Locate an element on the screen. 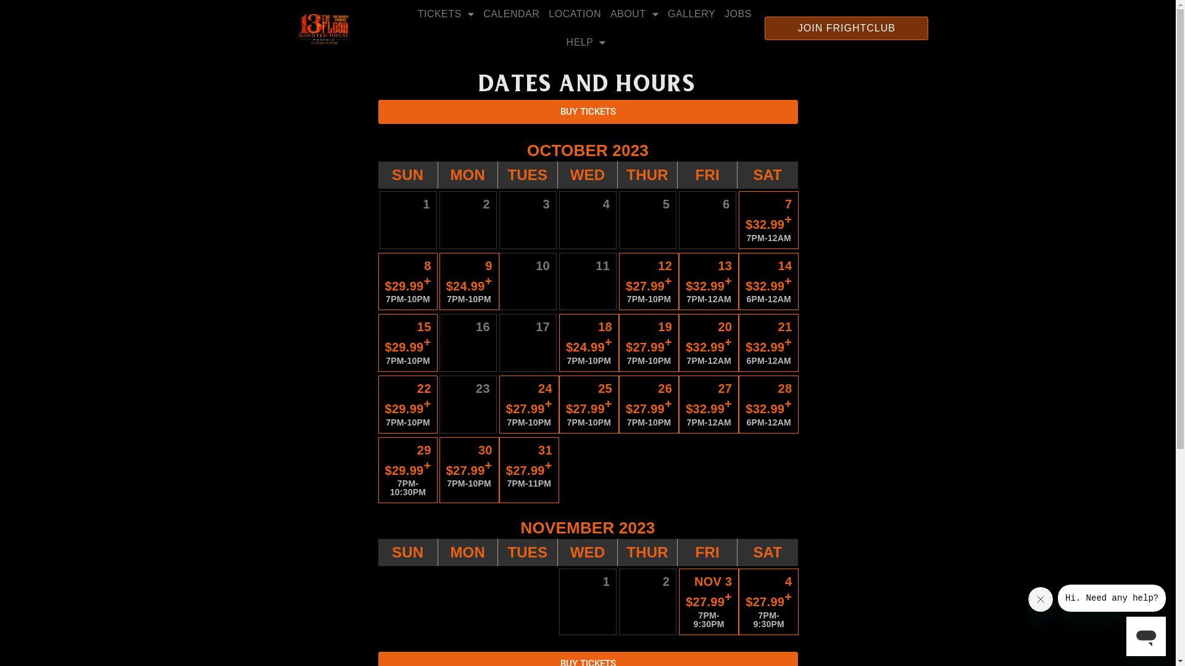 Image resolution: width=1185 pixels, height=666 pixels. 'LOCATION' is located at coordinates (574, 14).